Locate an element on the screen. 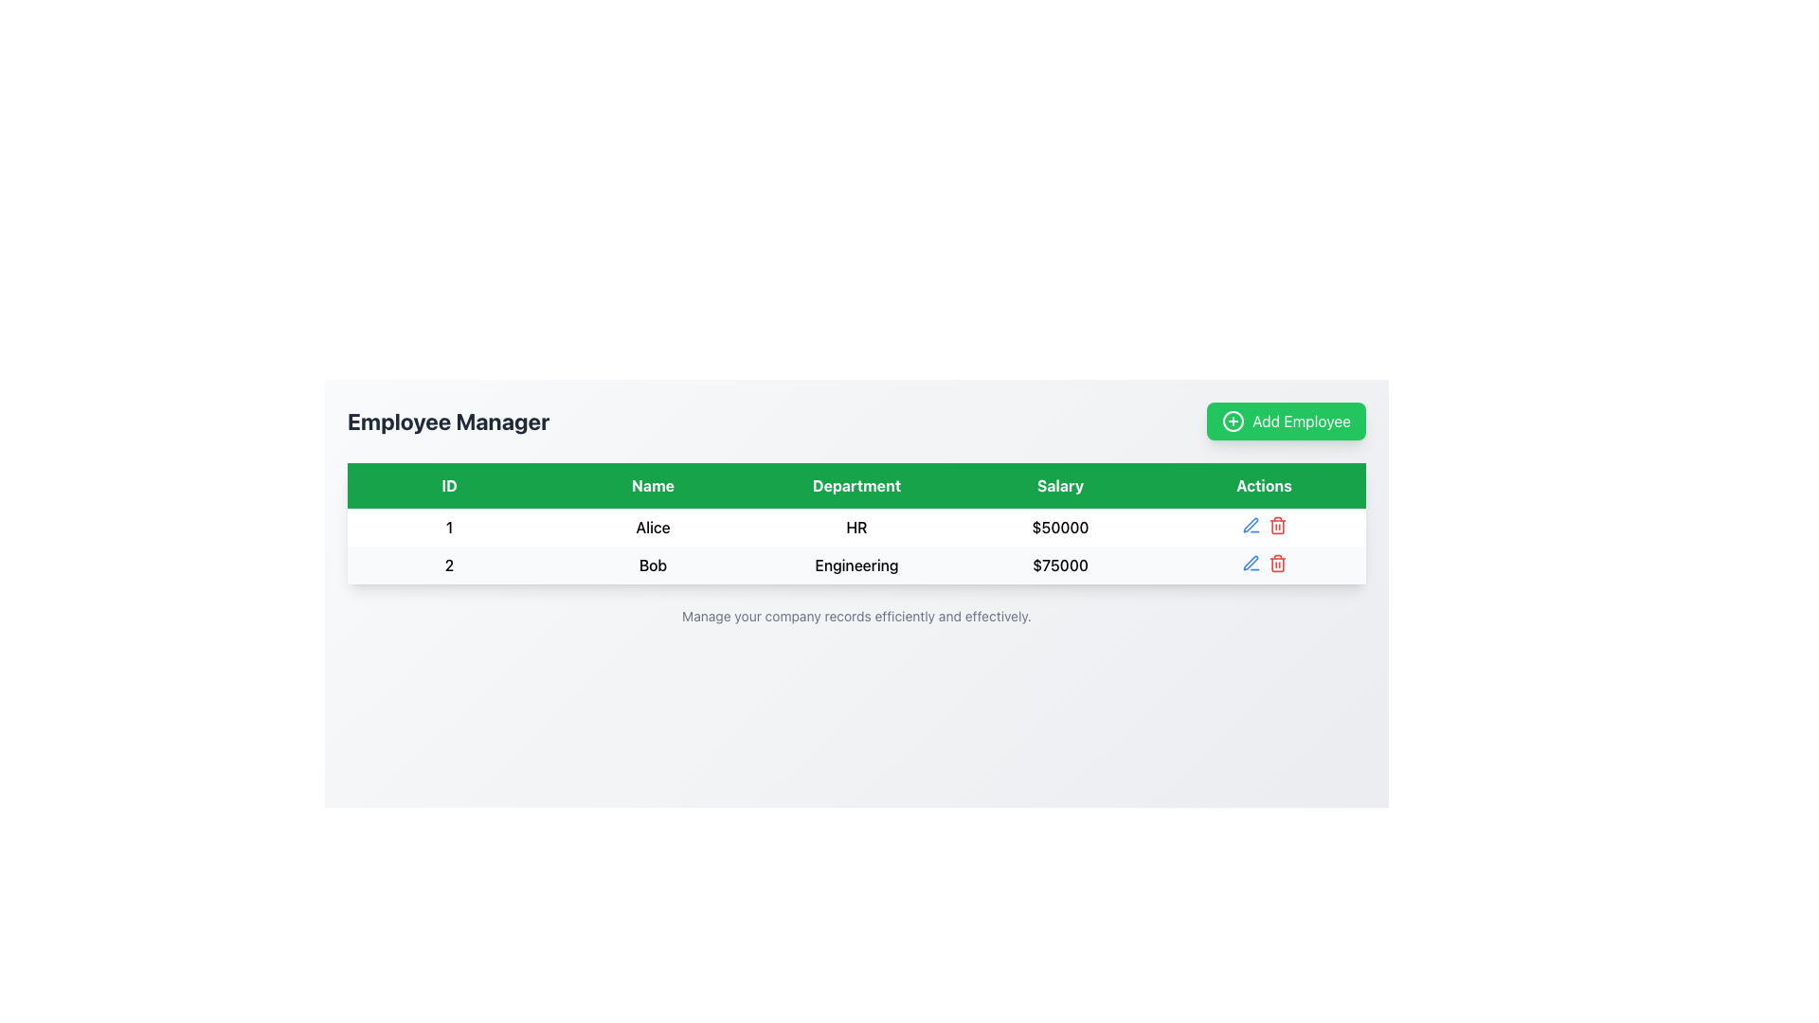  the 'Add Employee' button located in the upper-right corner of the 'Employee Manager' section is located at coordinates (1287, 420).